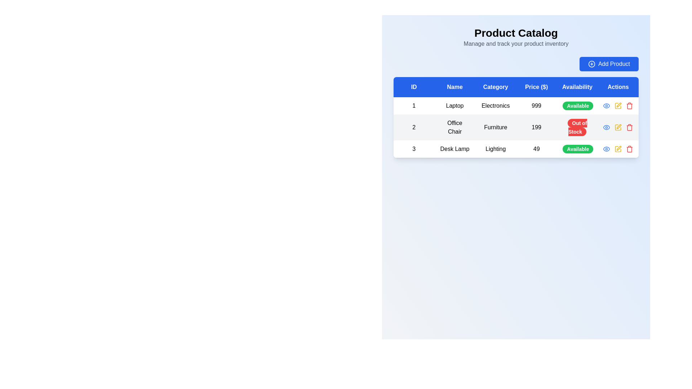 The width and height of the screenshot is (692, 389). Describe the element at coordinates (454, 87) in the screenshot. I see `the 'Name' label in the header row of the table, which is styled in white on a blue background and is the second entry in the header, positioned to the right of the 'ID' label and to the left of the 'Category' label` at that location.